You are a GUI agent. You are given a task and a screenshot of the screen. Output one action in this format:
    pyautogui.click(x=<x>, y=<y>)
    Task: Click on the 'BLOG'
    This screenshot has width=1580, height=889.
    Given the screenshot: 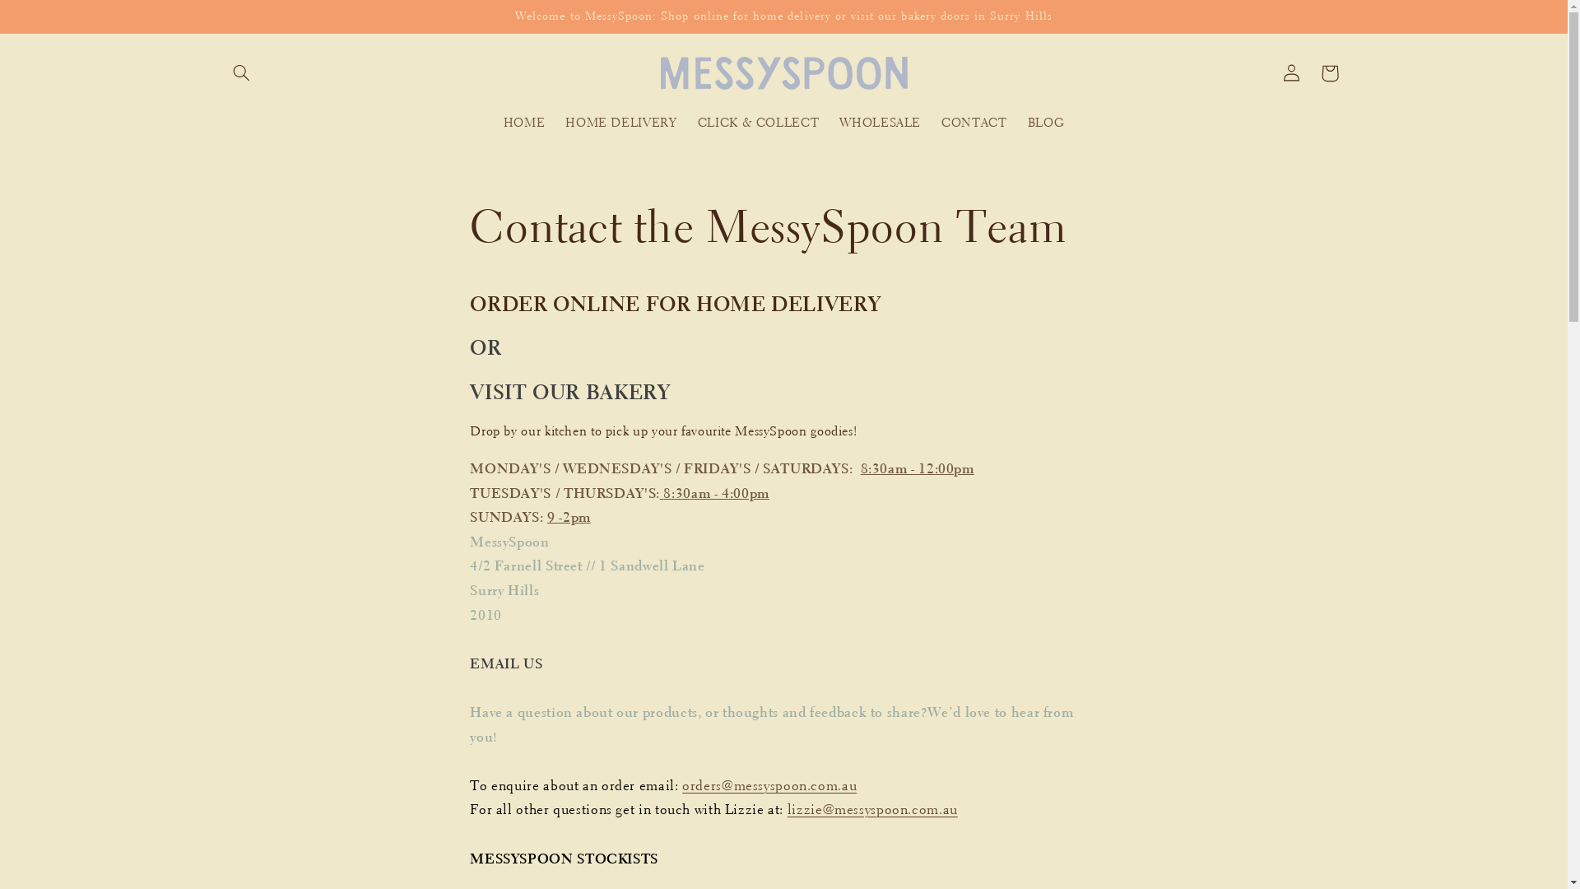 What is the action you would take?
    pyautogui.click(x=1045, y=123)
    